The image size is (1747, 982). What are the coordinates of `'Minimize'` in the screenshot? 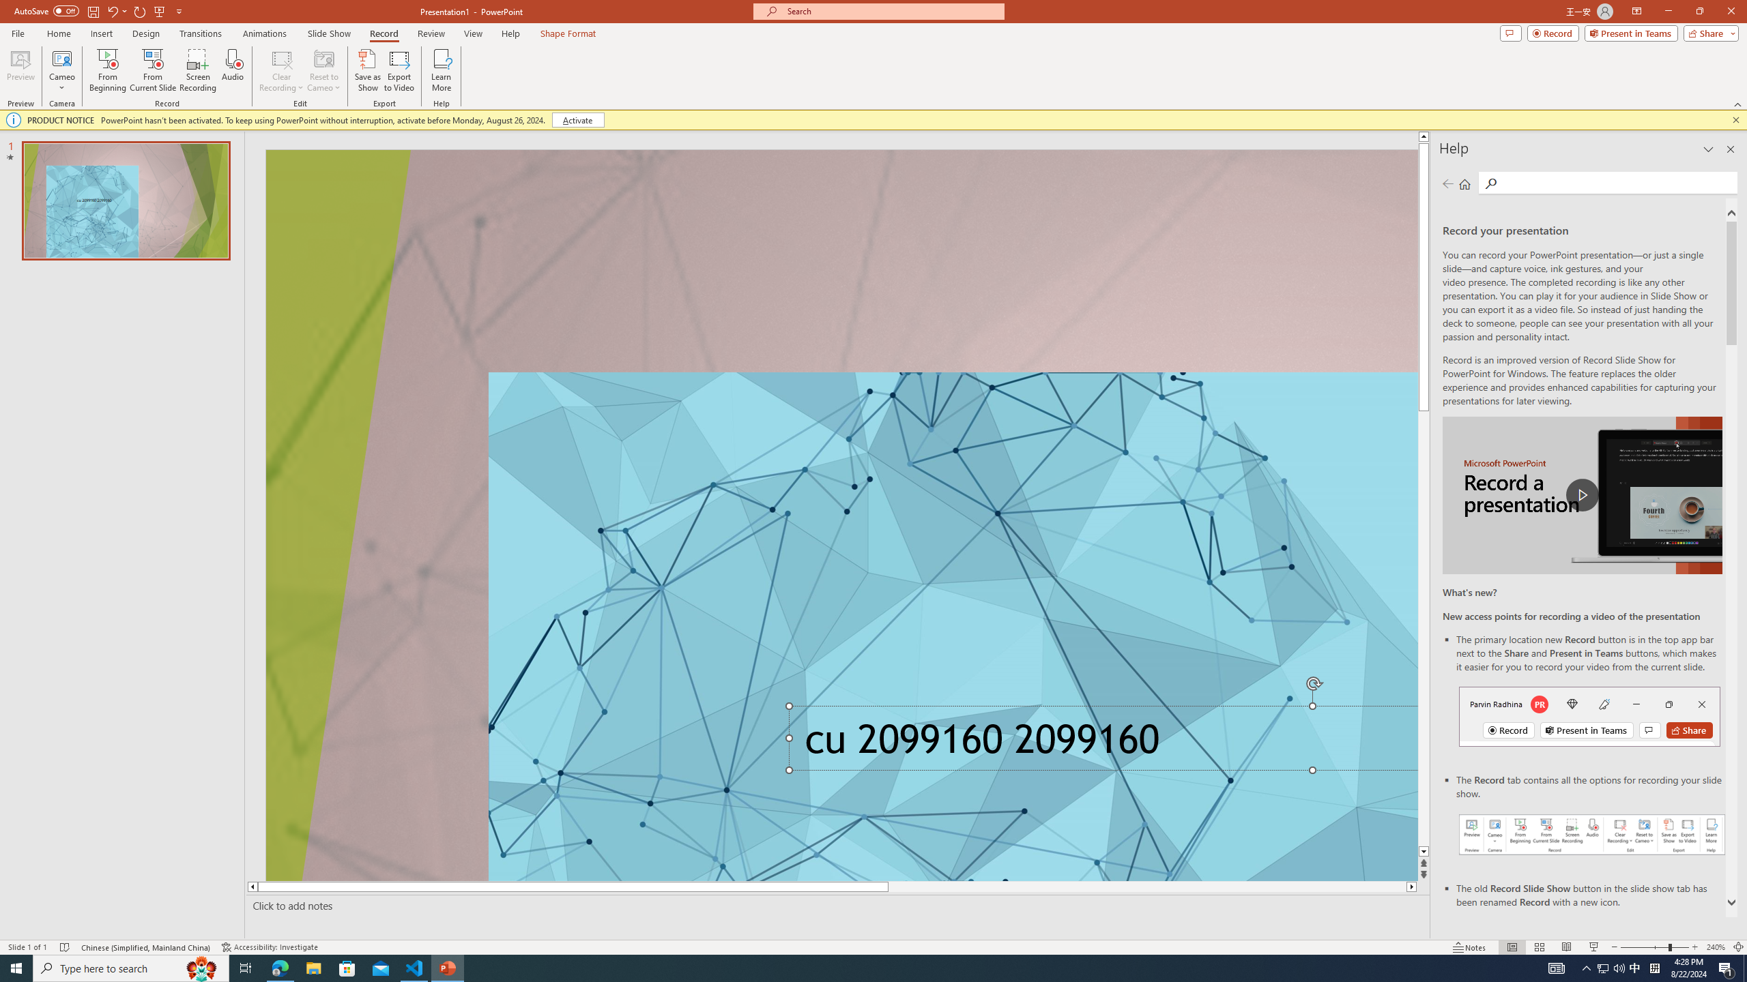 It's located at (1667, 11).